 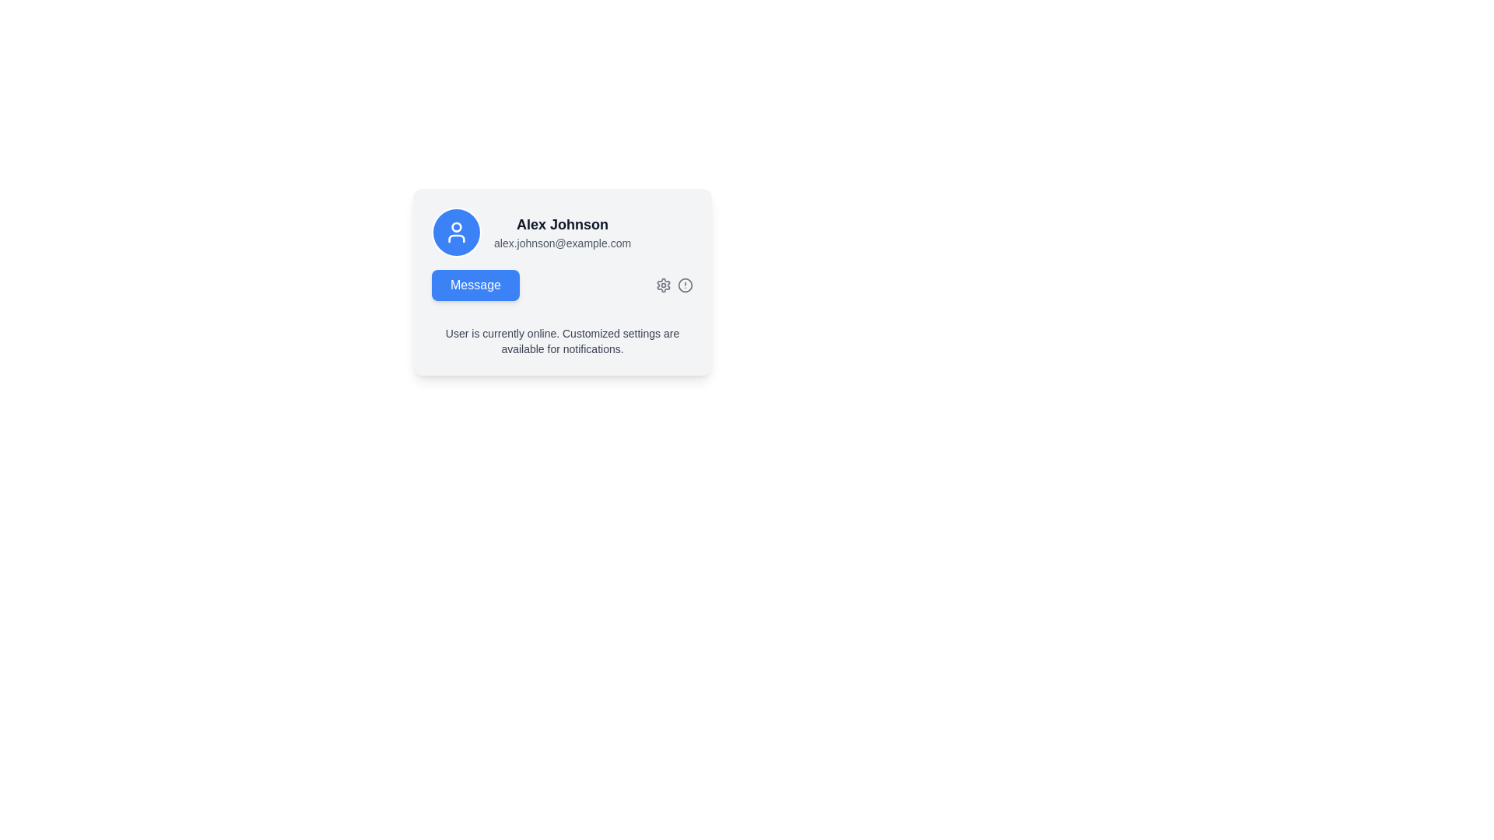 I want to click on the gear icon in the top-right section of the interface, so click(x=675, y=285).